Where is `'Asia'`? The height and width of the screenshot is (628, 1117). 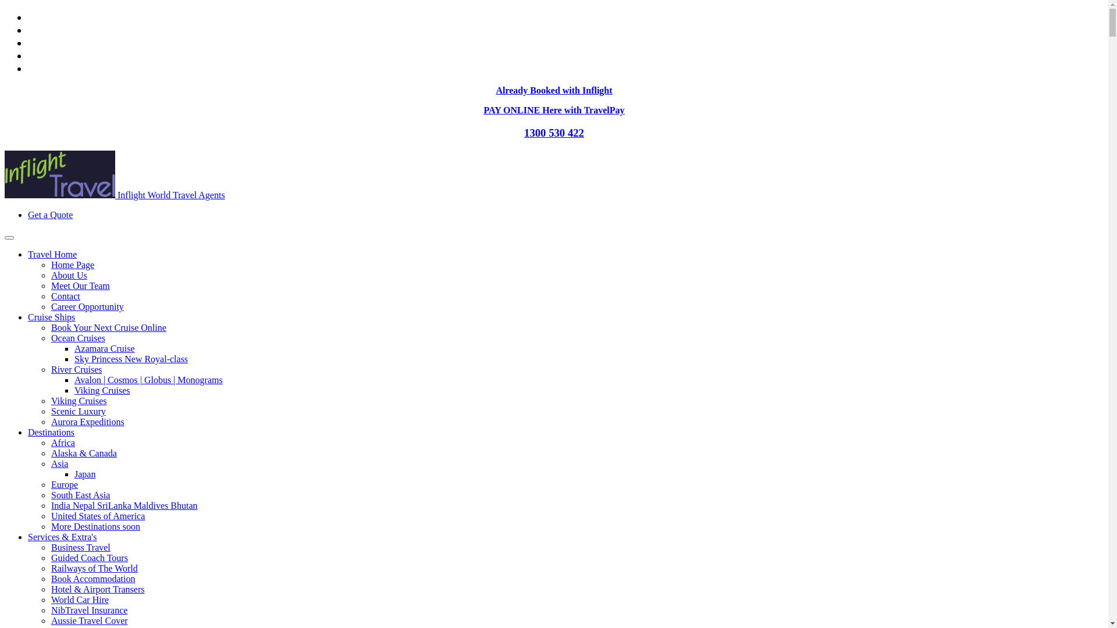
'Asia' is located at coordinates (59, 463).